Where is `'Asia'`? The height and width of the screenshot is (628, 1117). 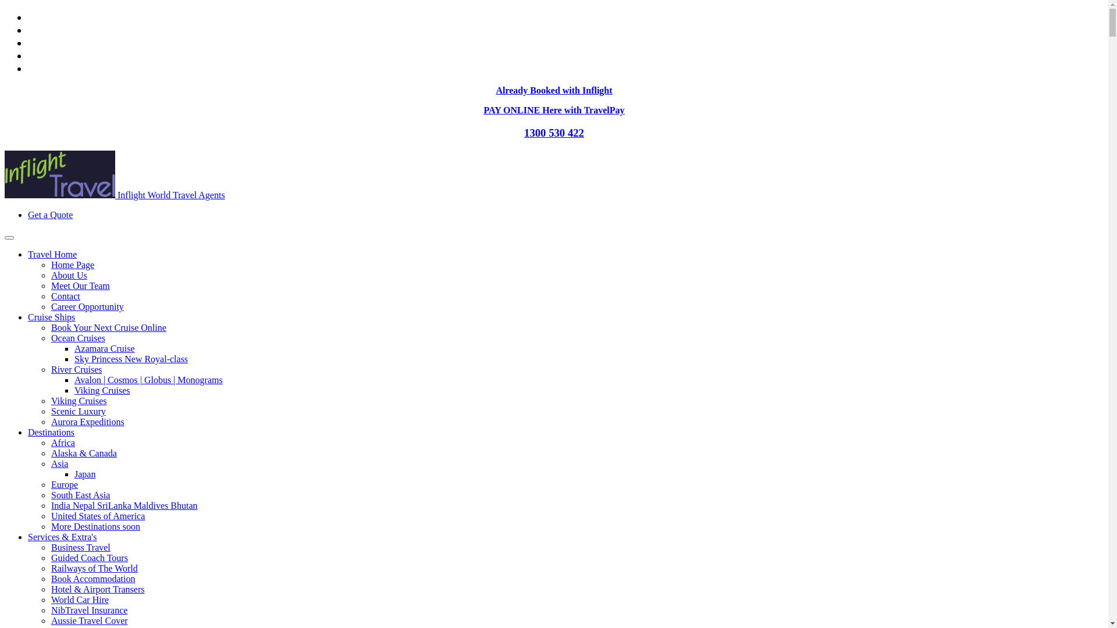
'Asia' is located at coordinates (59, 463).